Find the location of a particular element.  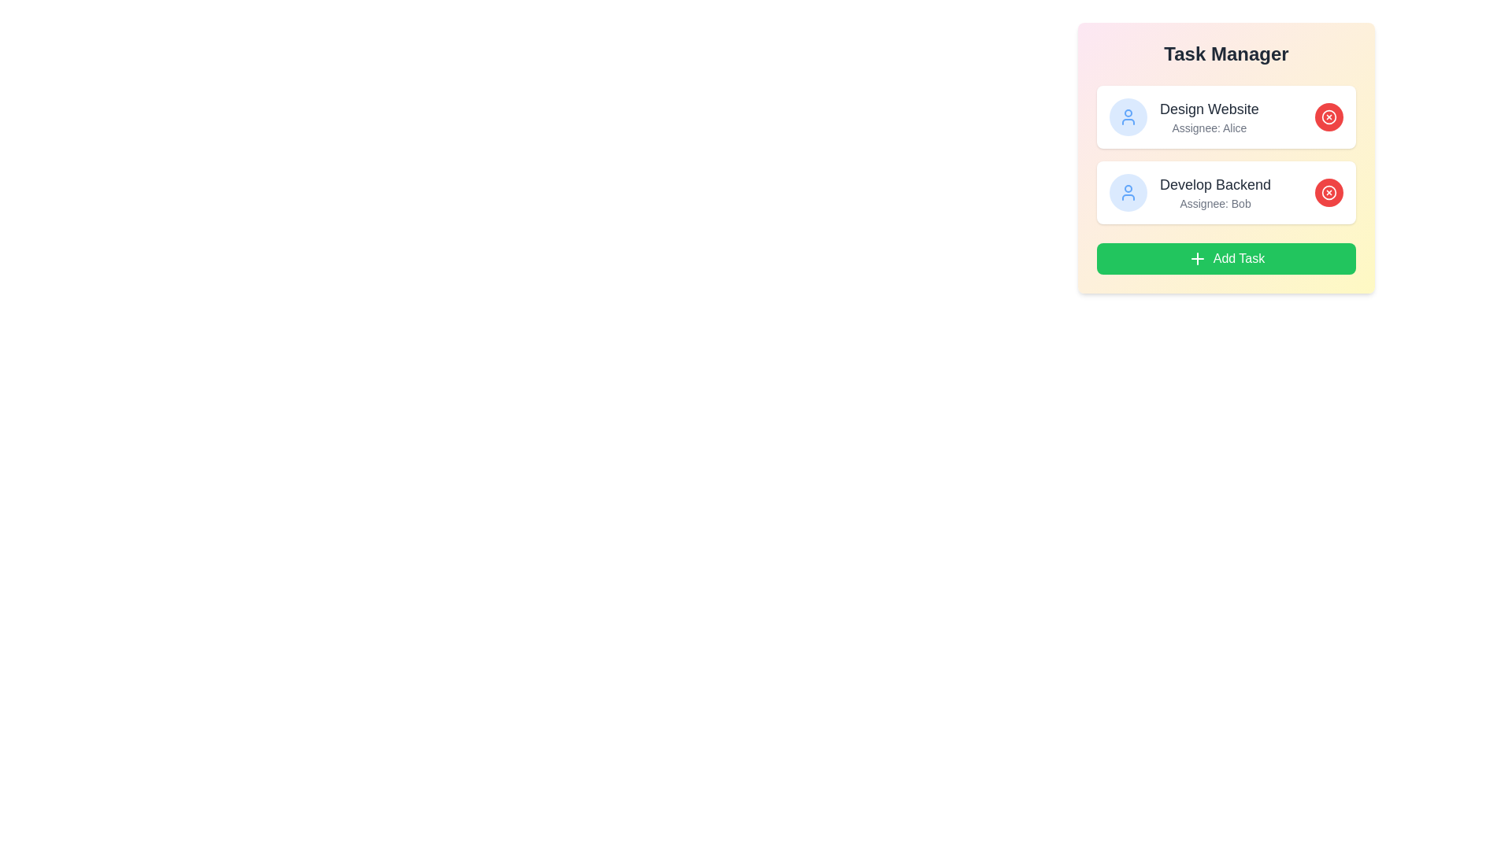

the icon located to the left of the 'Add Task' label in the green button at the bottom of the task list panel is located at coordinates (1197, 257).